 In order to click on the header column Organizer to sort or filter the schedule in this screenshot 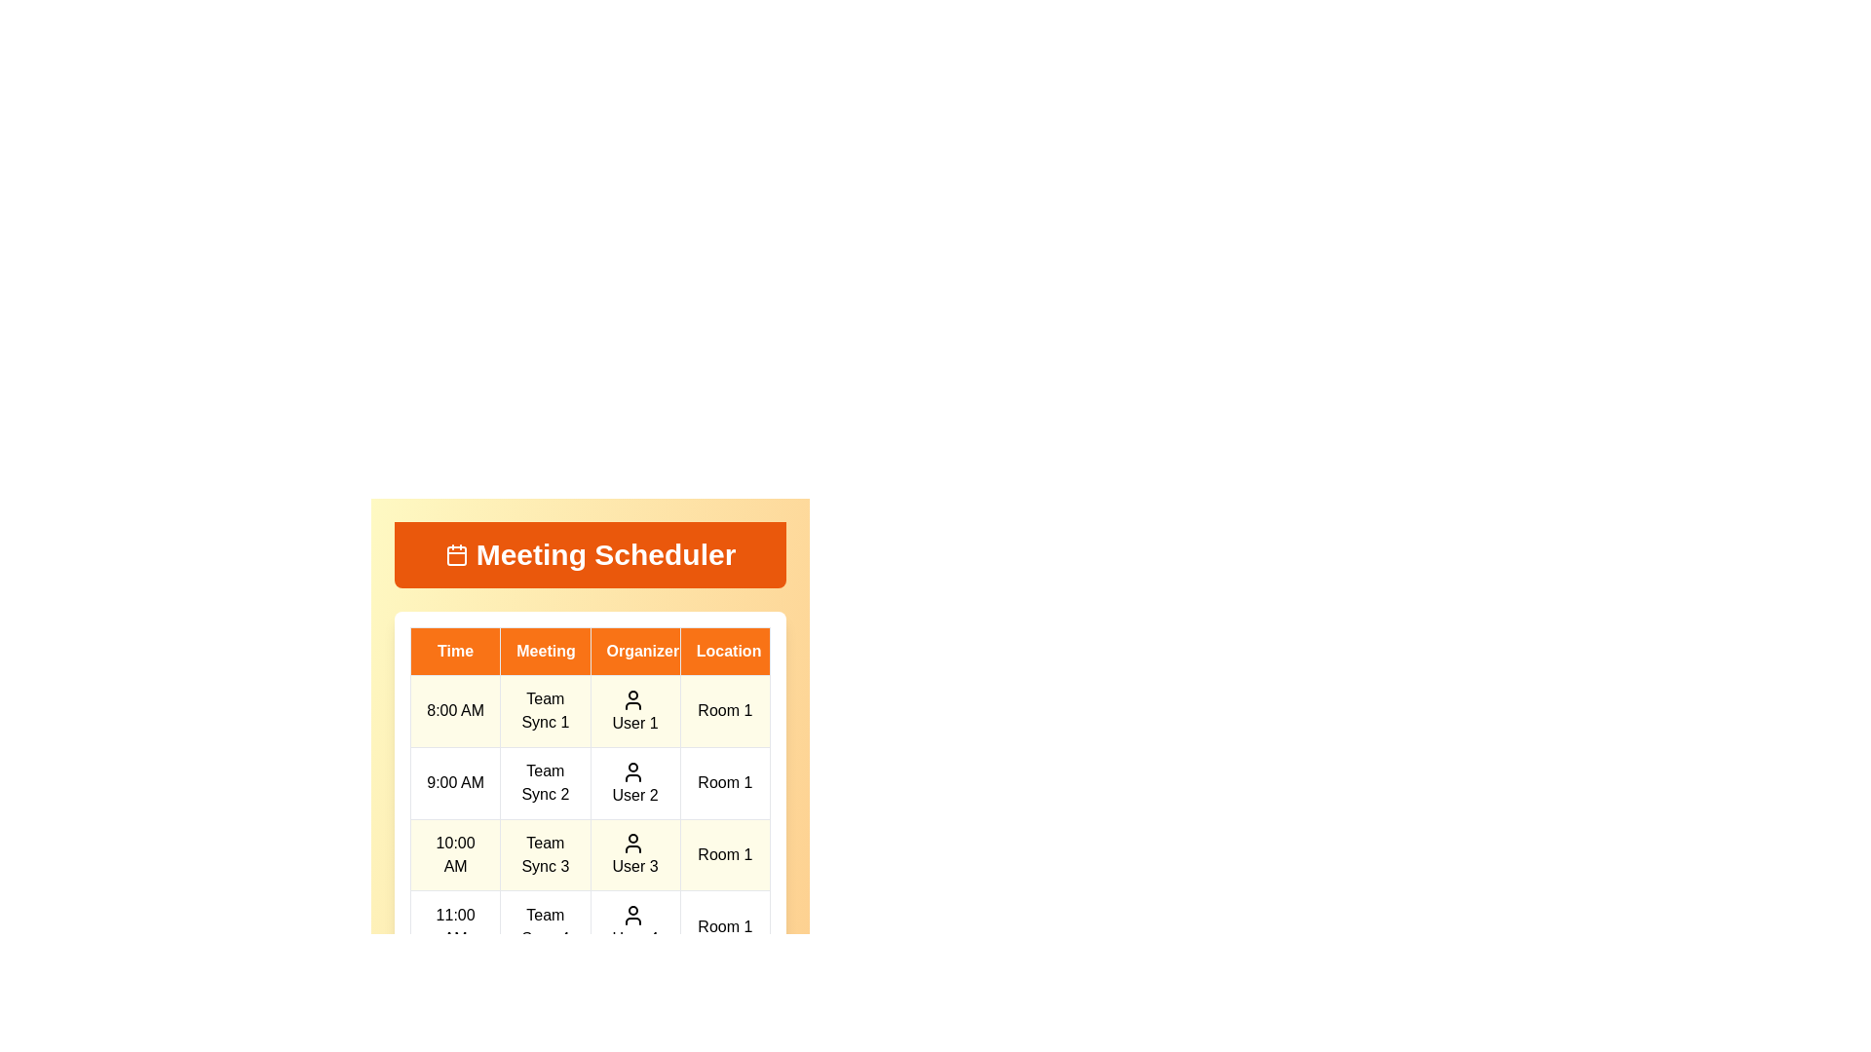, I will do `click(635, 651)`.